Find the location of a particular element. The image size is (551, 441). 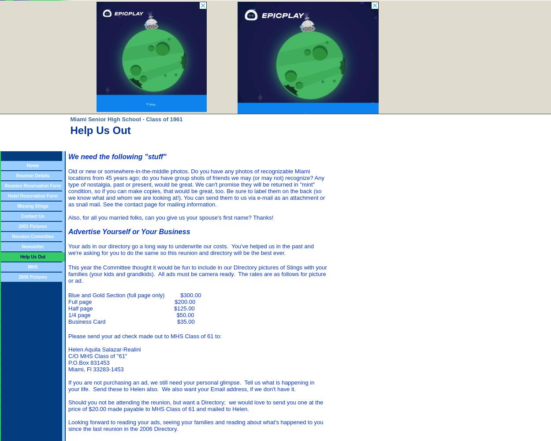

'Should you not be attending the reunion, but want a Directory;  we would love to
                           send you one at the price of $20.00 made payable to MHS Class of 61 and mailed to Helen.' is located at coordinates (68, 406).